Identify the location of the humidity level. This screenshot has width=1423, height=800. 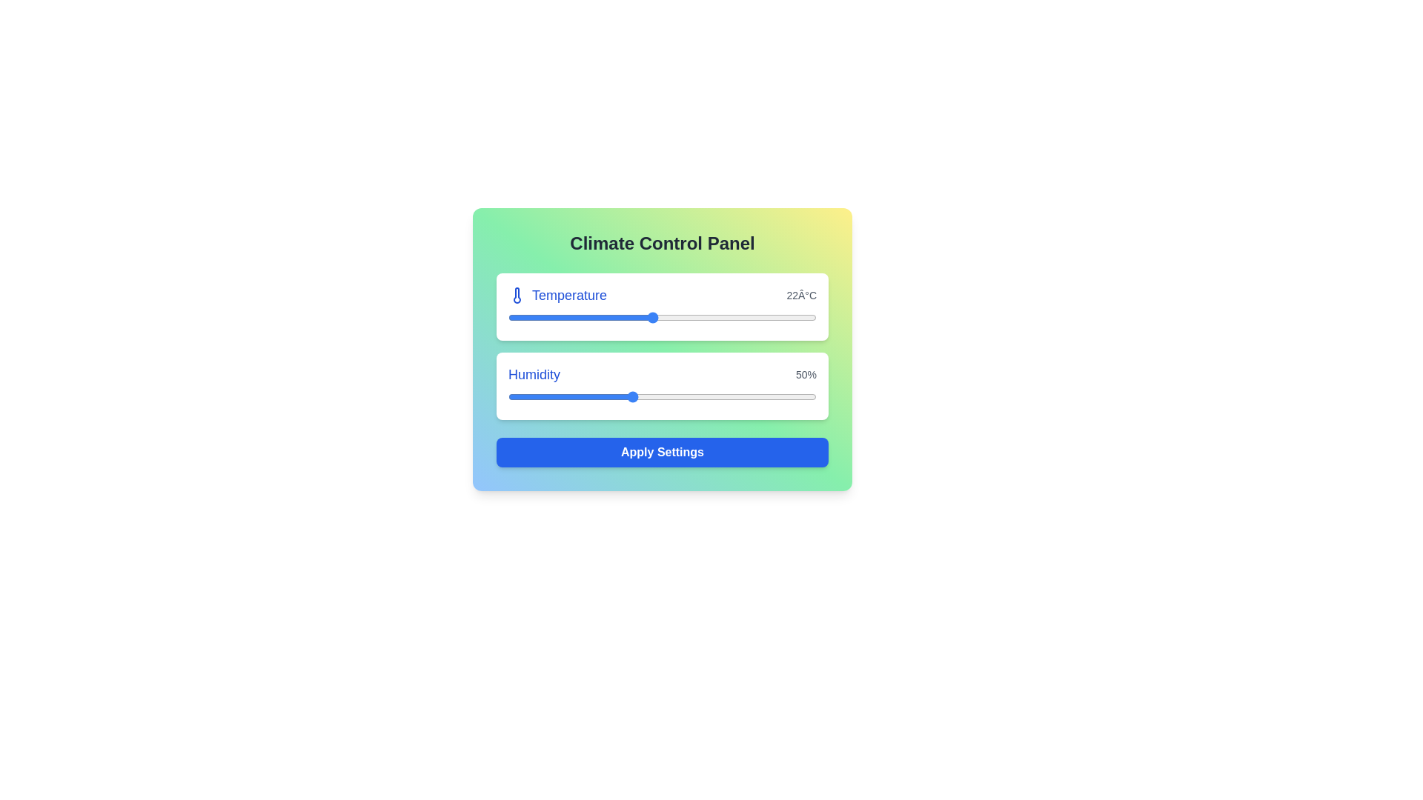
(711, 396).